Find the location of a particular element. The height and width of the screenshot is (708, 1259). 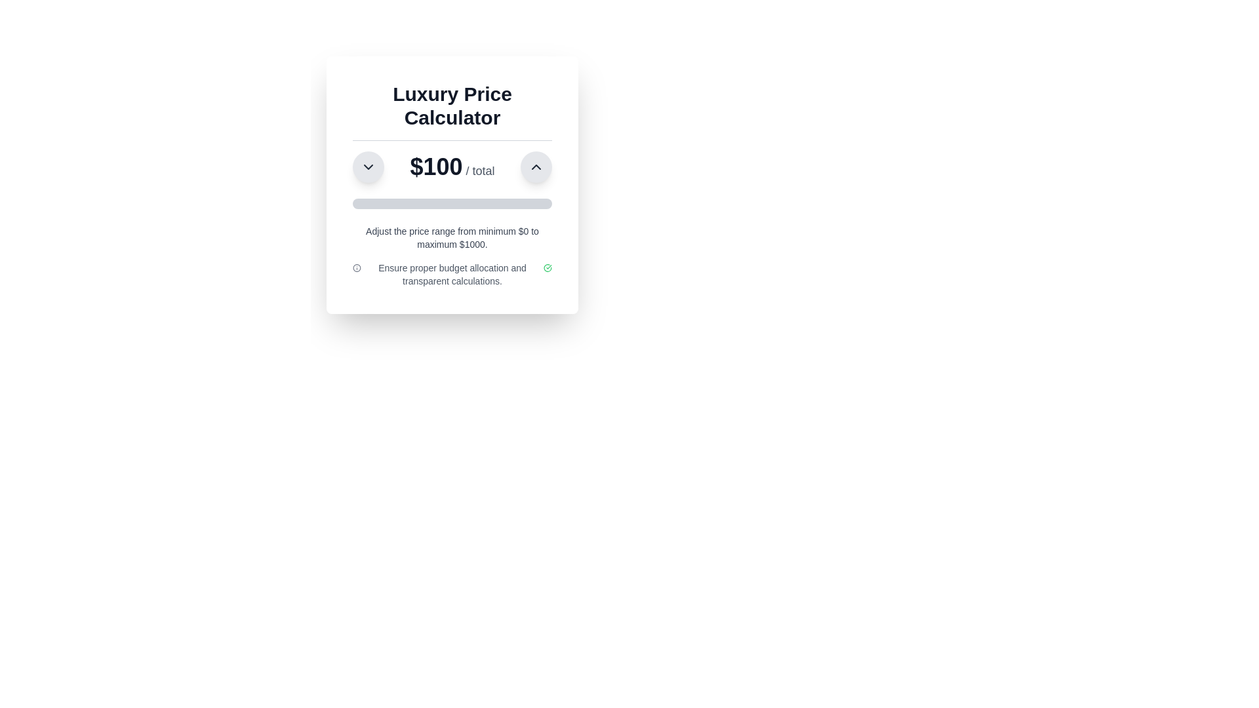

informational text component located at the bottom of the 'Luxury Price Calculator' card, which guides the user on budget allocation and calculations is located at coordinates (452, 274).